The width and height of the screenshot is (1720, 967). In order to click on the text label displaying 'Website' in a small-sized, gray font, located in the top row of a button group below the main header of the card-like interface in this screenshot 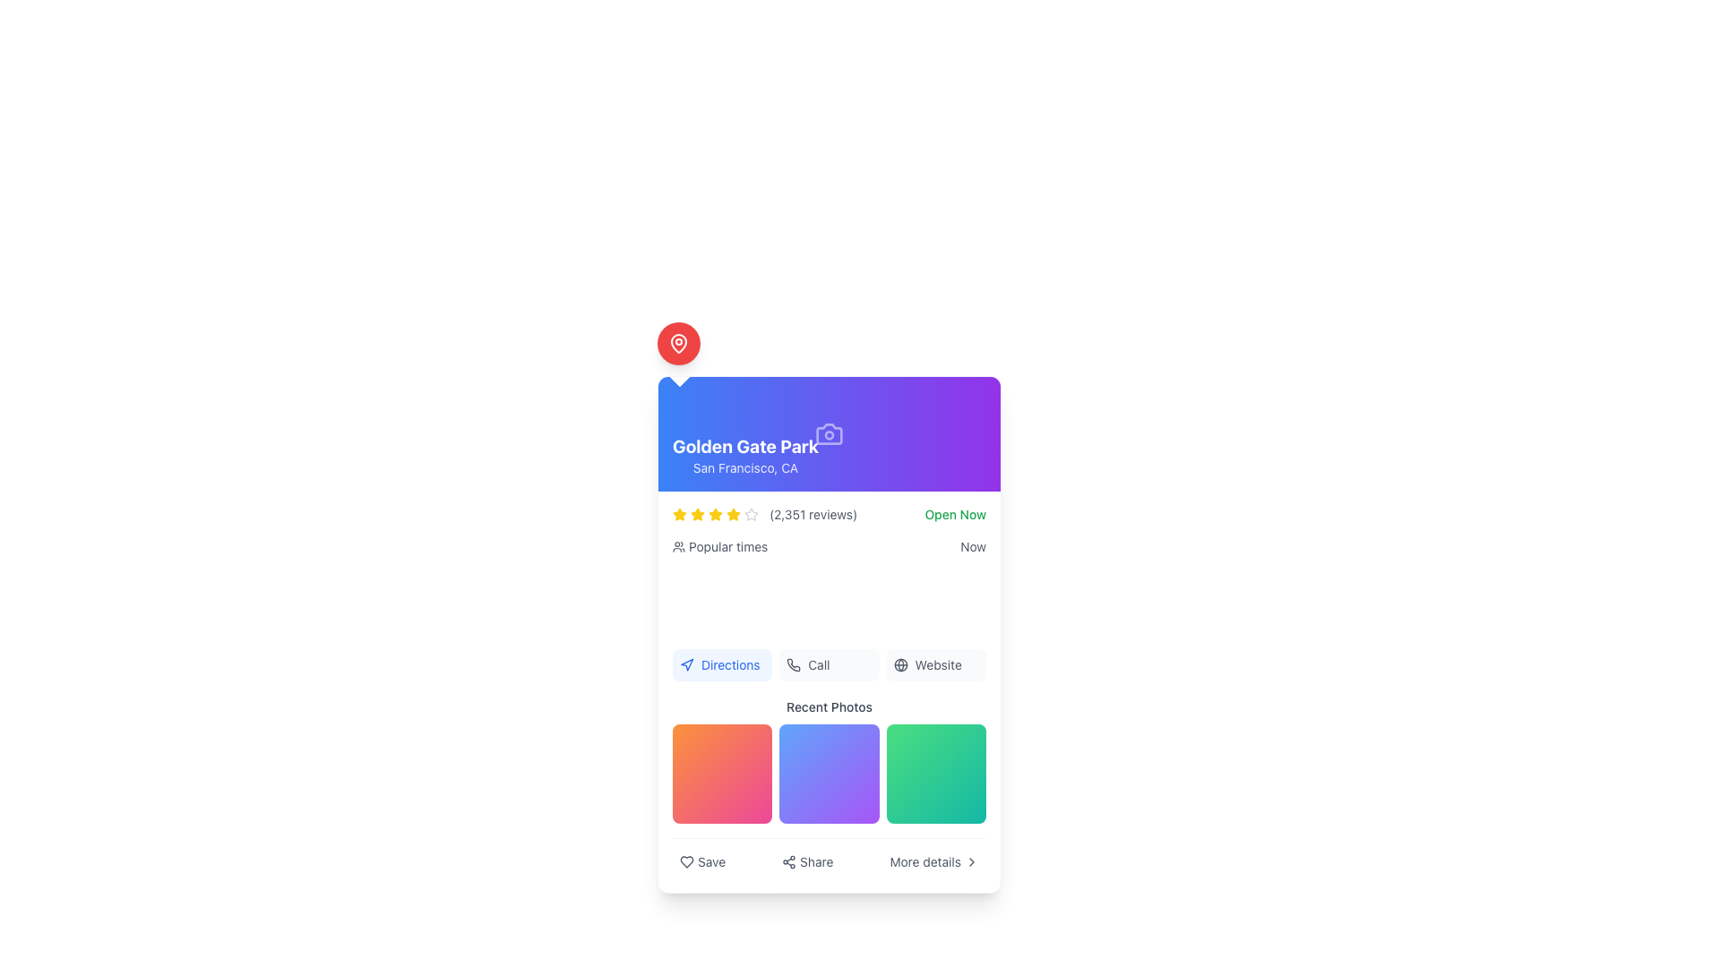, I will do `click(937, 665)`.